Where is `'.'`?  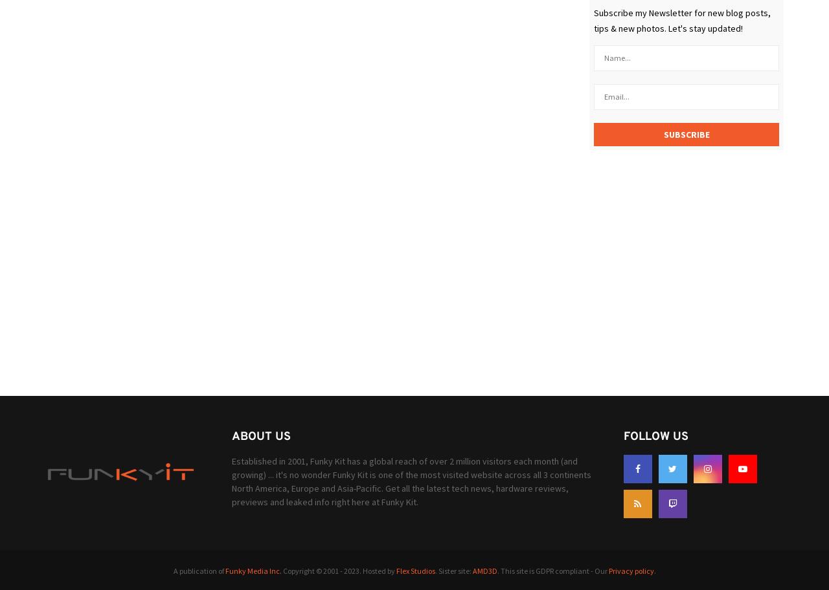
'.' is located at coordinates (654, 569).